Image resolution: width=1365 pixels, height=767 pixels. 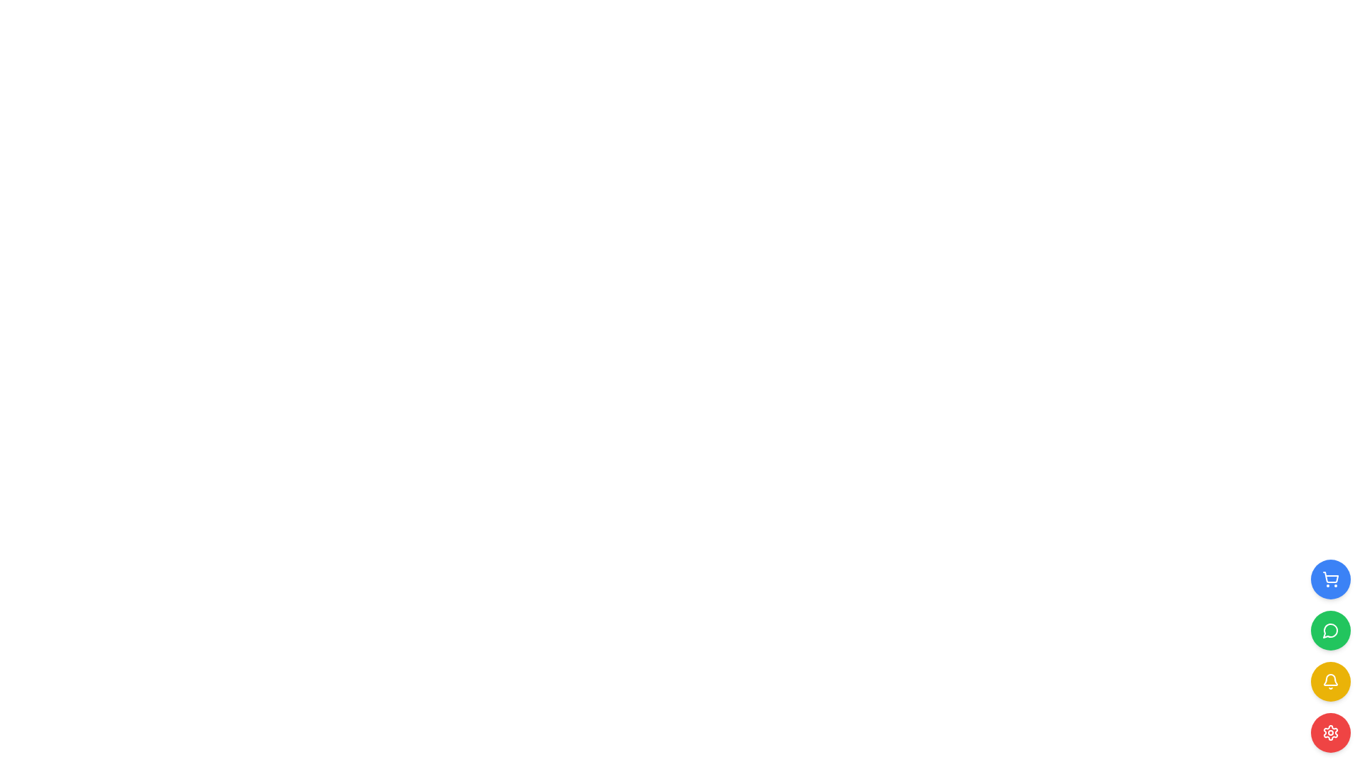 What do you see at coordinates (1330, 580) in the screenshot?
I see `the shopping cart icon located at the top of the button group on the far right side of the interface` at bounding box center [1330, 580].